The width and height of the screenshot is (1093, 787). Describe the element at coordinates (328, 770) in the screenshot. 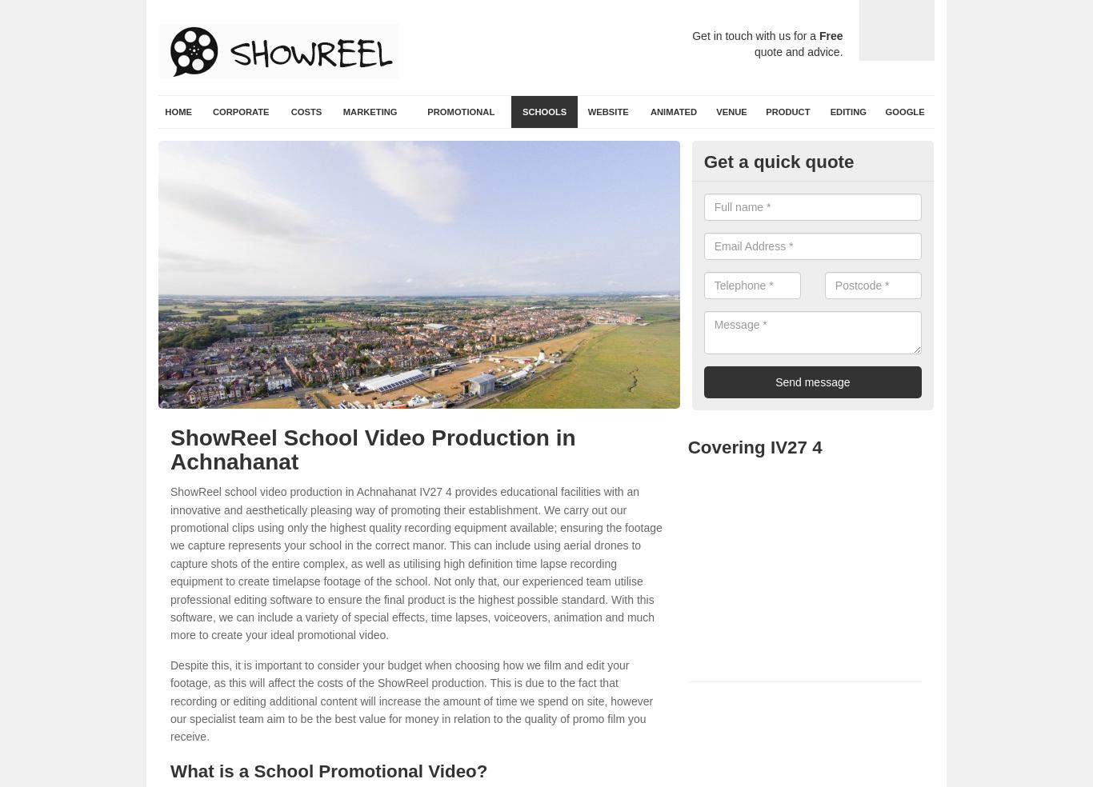

I see `'What is a School Promotional Video?'` at that location.